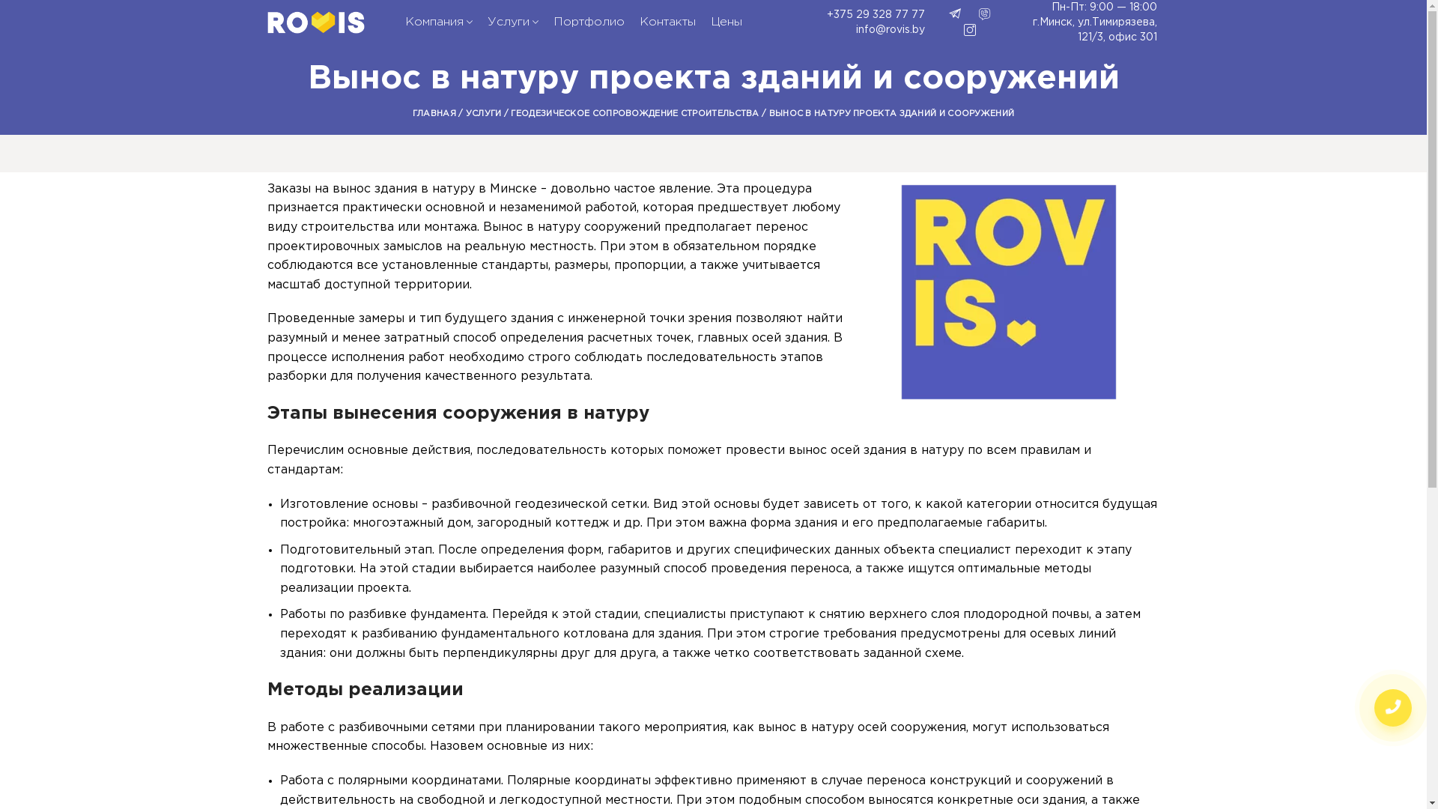 This screenshot has width=1438, height=809. What do you see at coordinates (970, 29) in the screenshot?
I see `'instagram'` at bounding box center [970, 29].